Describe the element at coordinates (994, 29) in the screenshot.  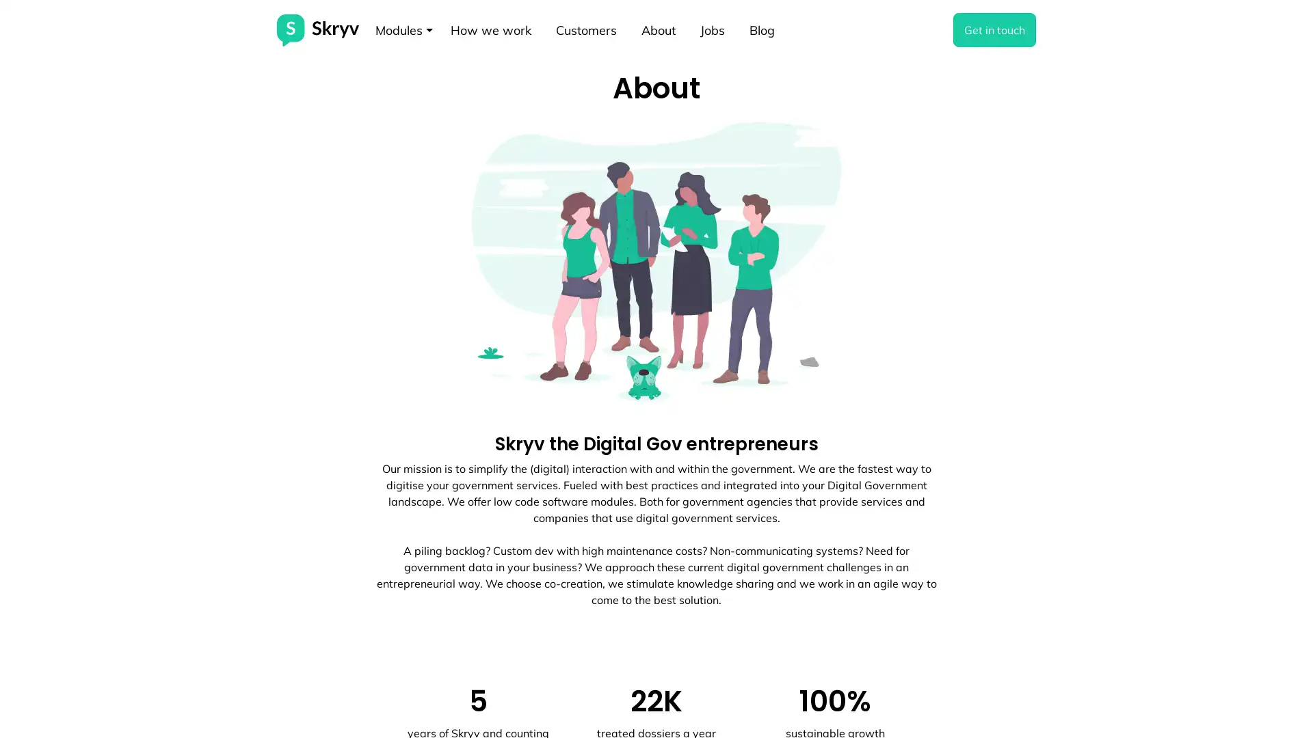
I see `Get in touch` at that location.